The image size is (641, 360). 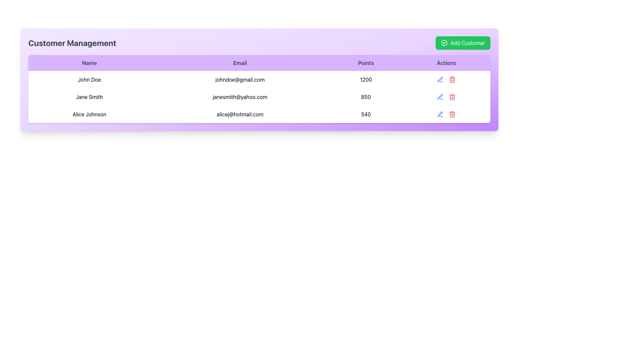 I want to click on the 'Name' label, which is styled with bold serif font on a lavender background and positioned in the first column of the header row in a data table, so click(x=89, y=63).